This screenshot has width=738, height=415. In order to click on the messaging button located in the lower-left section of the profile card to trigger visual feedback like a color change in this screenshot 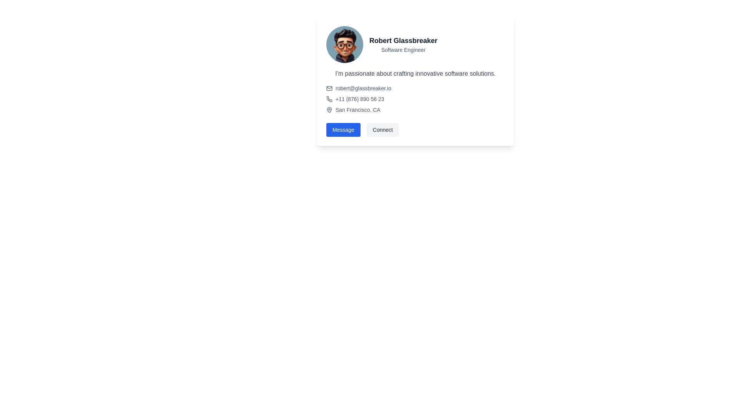, I will do `click(343, 129)`.